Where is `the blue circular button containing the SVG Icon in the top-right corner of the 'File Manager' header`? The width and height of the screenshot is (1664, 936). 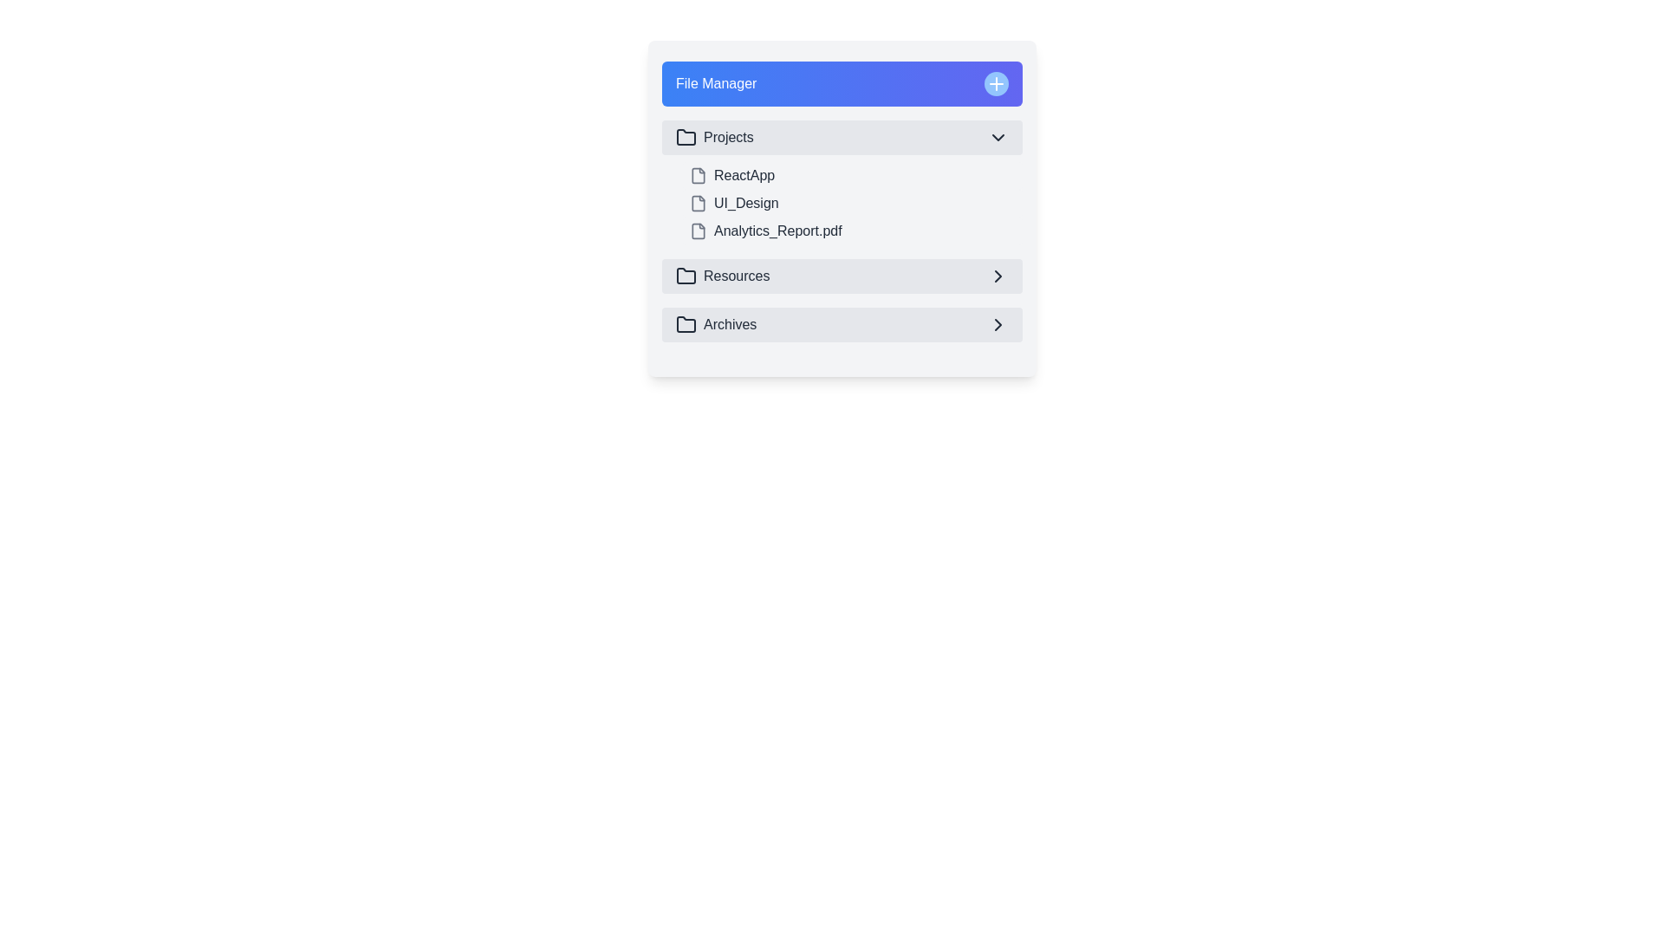
the blue circular button containing the SVG Icon in the top-right corner of the 'File Manager' header is located at coordinates (997, 83).